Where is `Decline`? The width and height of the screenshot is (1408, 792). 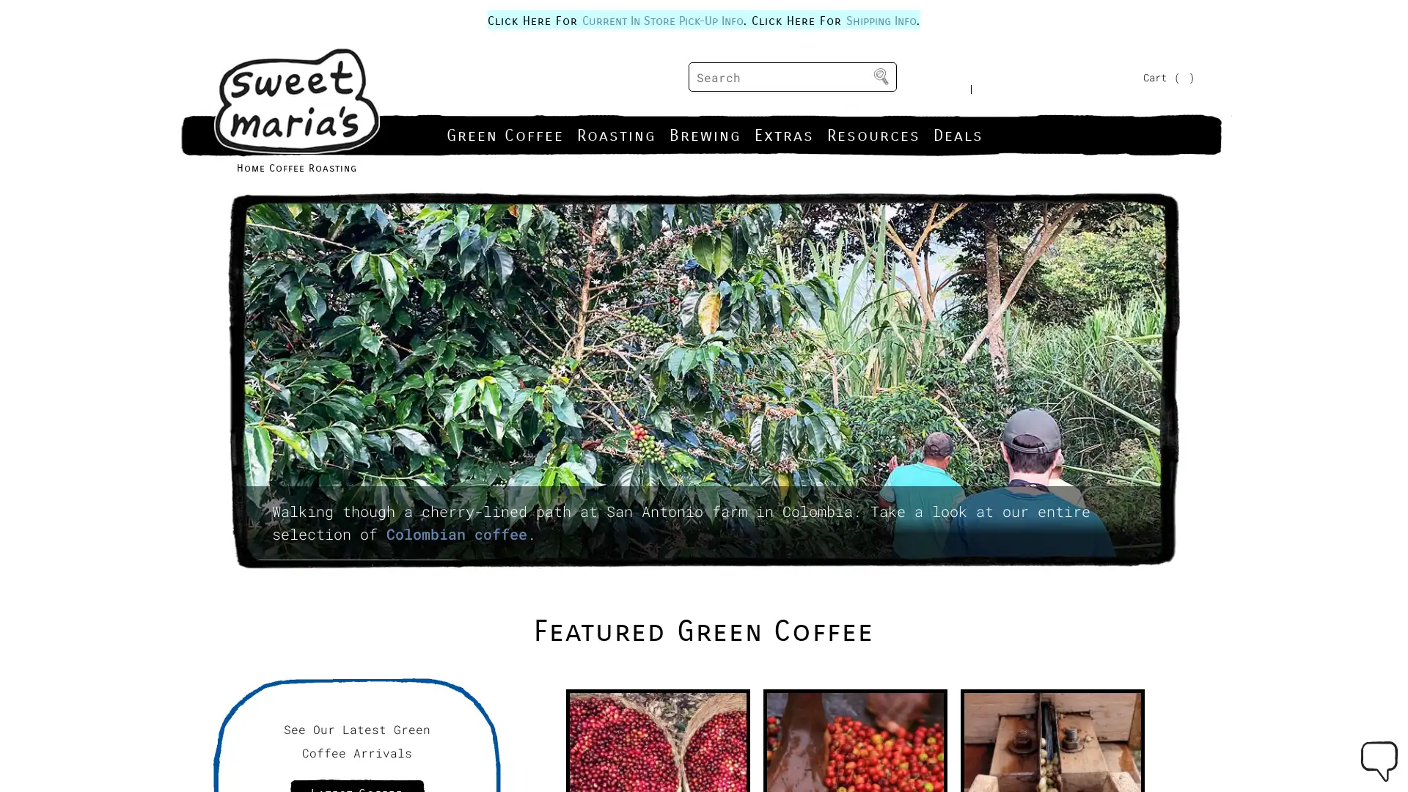
Decline is located at coordinates (426, 766).